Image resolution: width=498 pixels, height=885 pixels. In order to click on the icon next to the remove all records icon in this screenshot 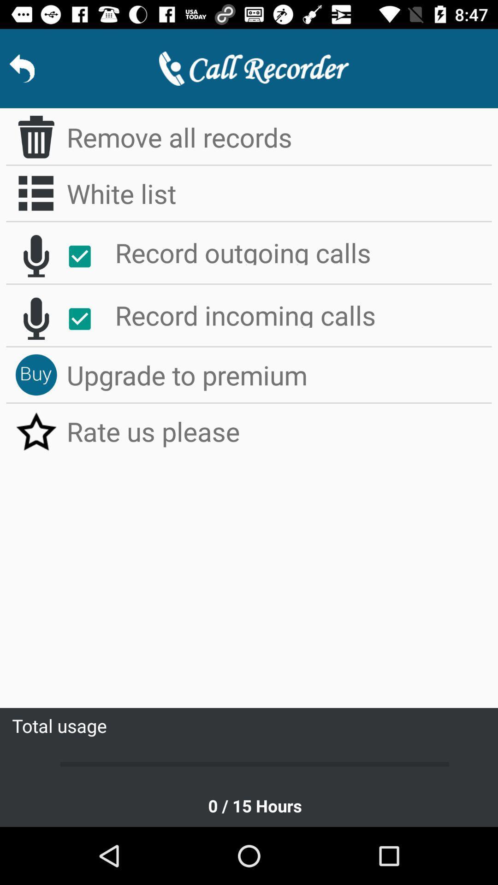, I will do `click(36, 136)`.